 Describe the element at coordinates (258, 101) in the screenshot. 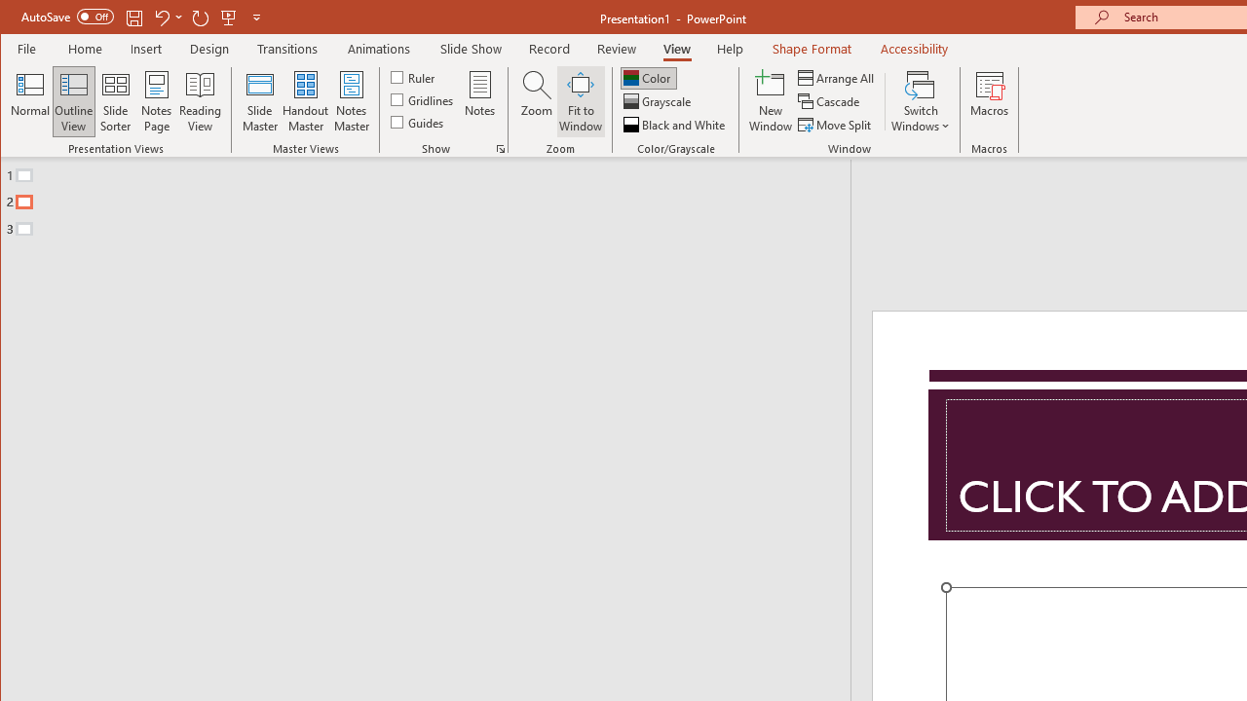

I see `'Slide Master'` at that location.